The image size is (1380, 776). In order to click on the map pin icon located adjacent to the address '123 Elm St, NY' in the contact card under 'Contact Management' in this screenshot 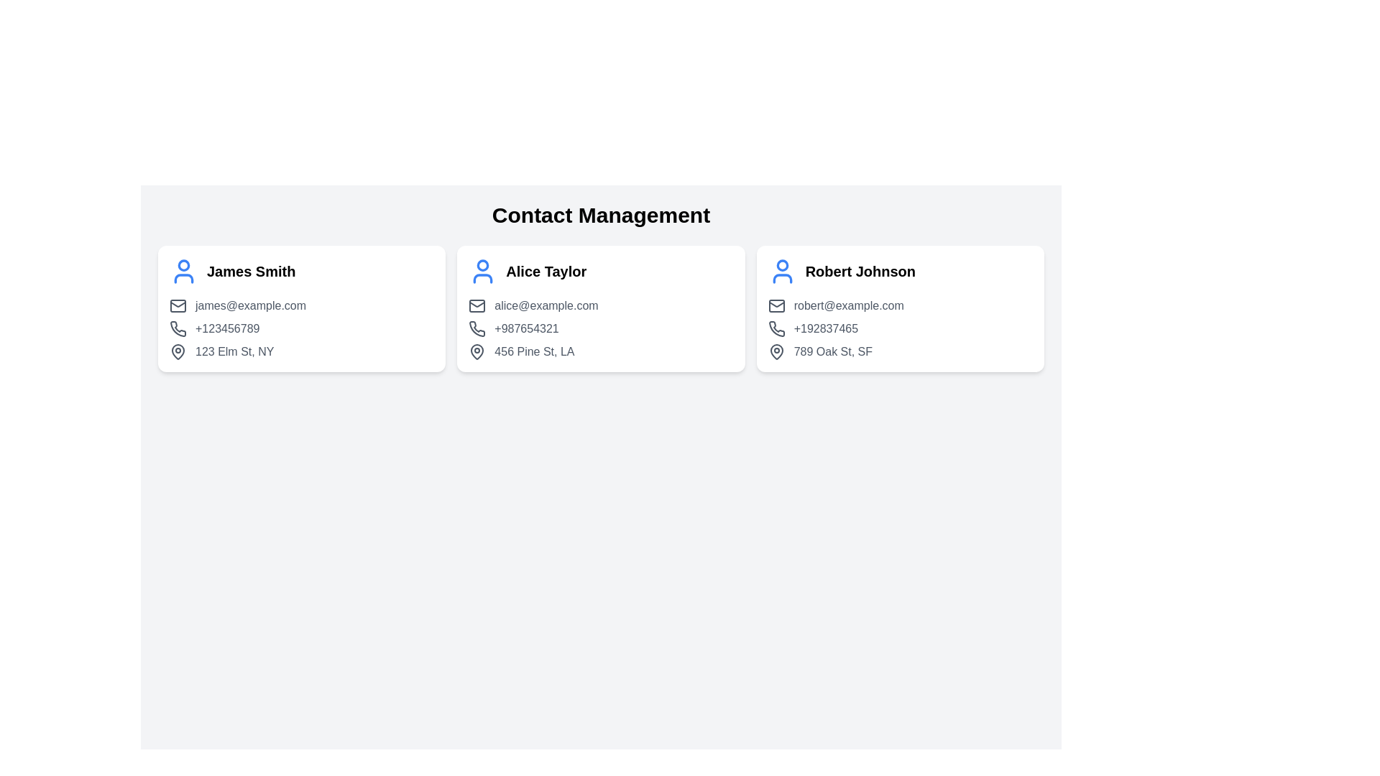, I will do `click(178, 351)`.